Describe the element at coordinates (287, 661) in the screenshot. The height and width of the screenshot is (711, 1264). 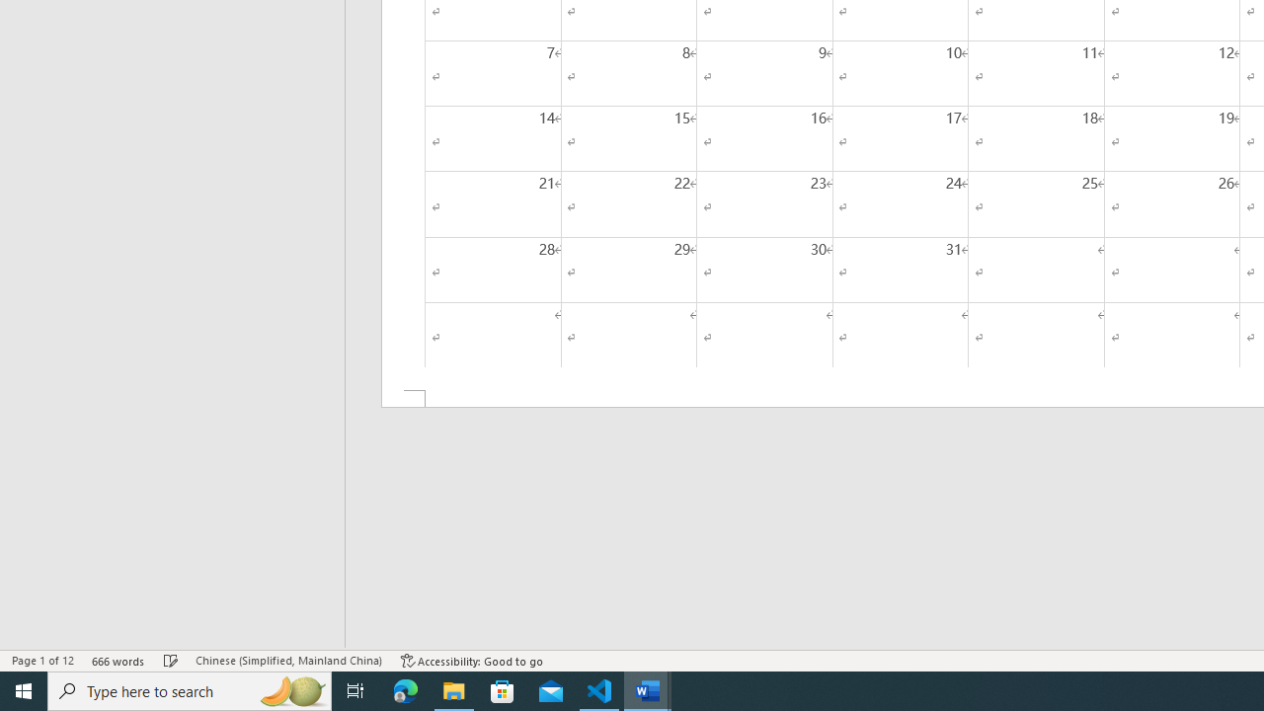
I see `'Language Chinese (Simplified, Mainland China)'` at that location.